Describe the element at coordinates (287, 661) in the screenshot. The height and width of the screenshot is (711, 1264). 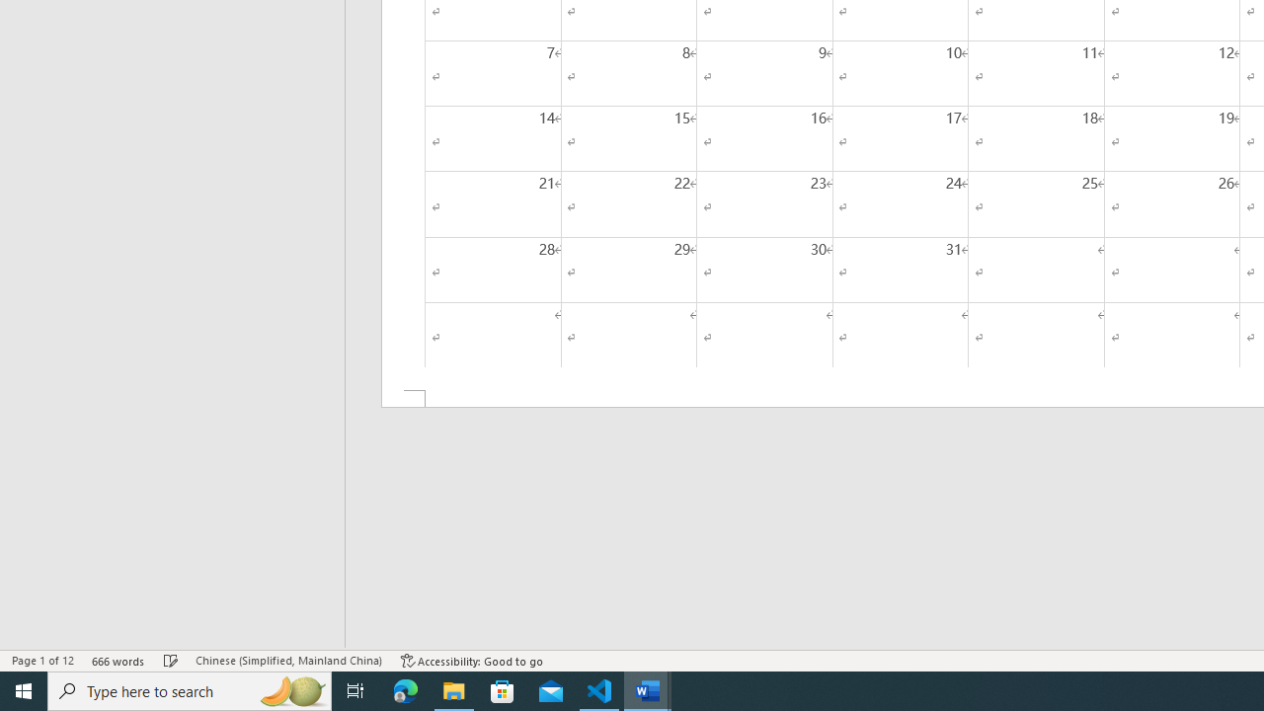
I see `'Language Chinese (Simplified, Mainland China)'` at that location.